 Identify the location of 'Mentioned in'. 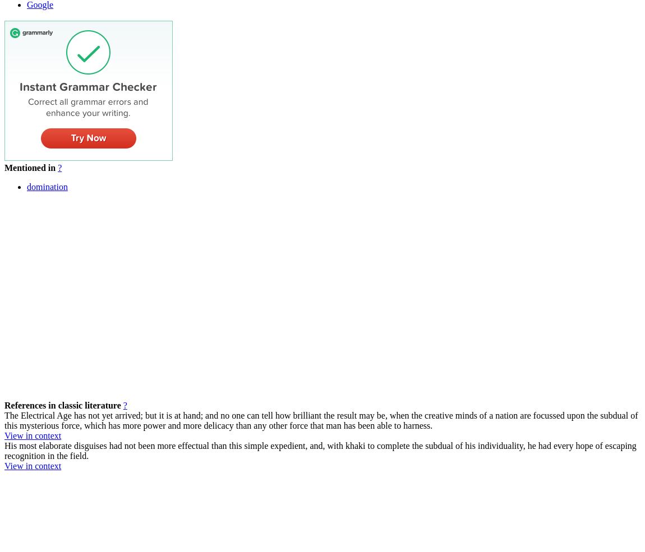
(4, 167).